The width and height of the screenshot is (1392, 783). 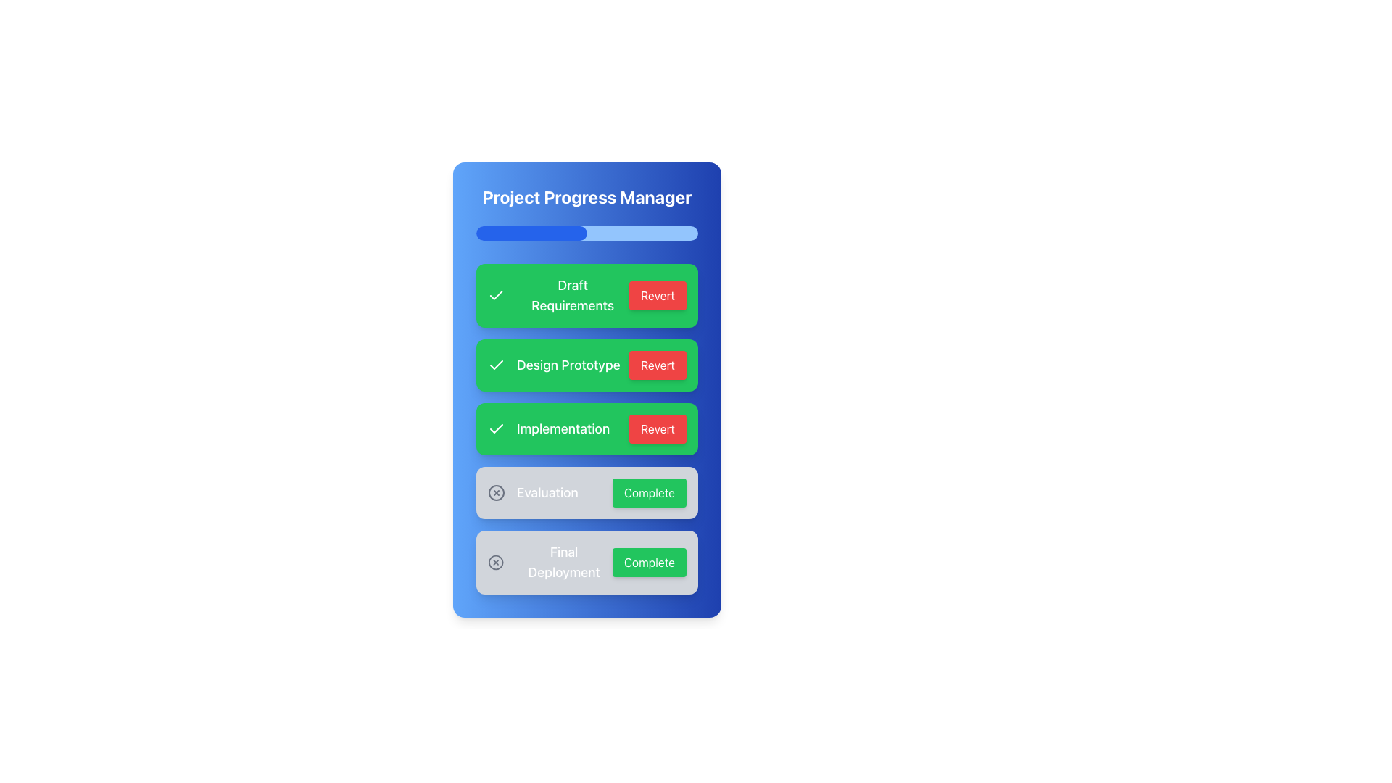 What do you see at coordinates (657, 365) in the screenshot?
I see `the 'Revert' button, which is a rectangular button with a red background and white text, to observe the hover effect` at bounding box center [657, 365].